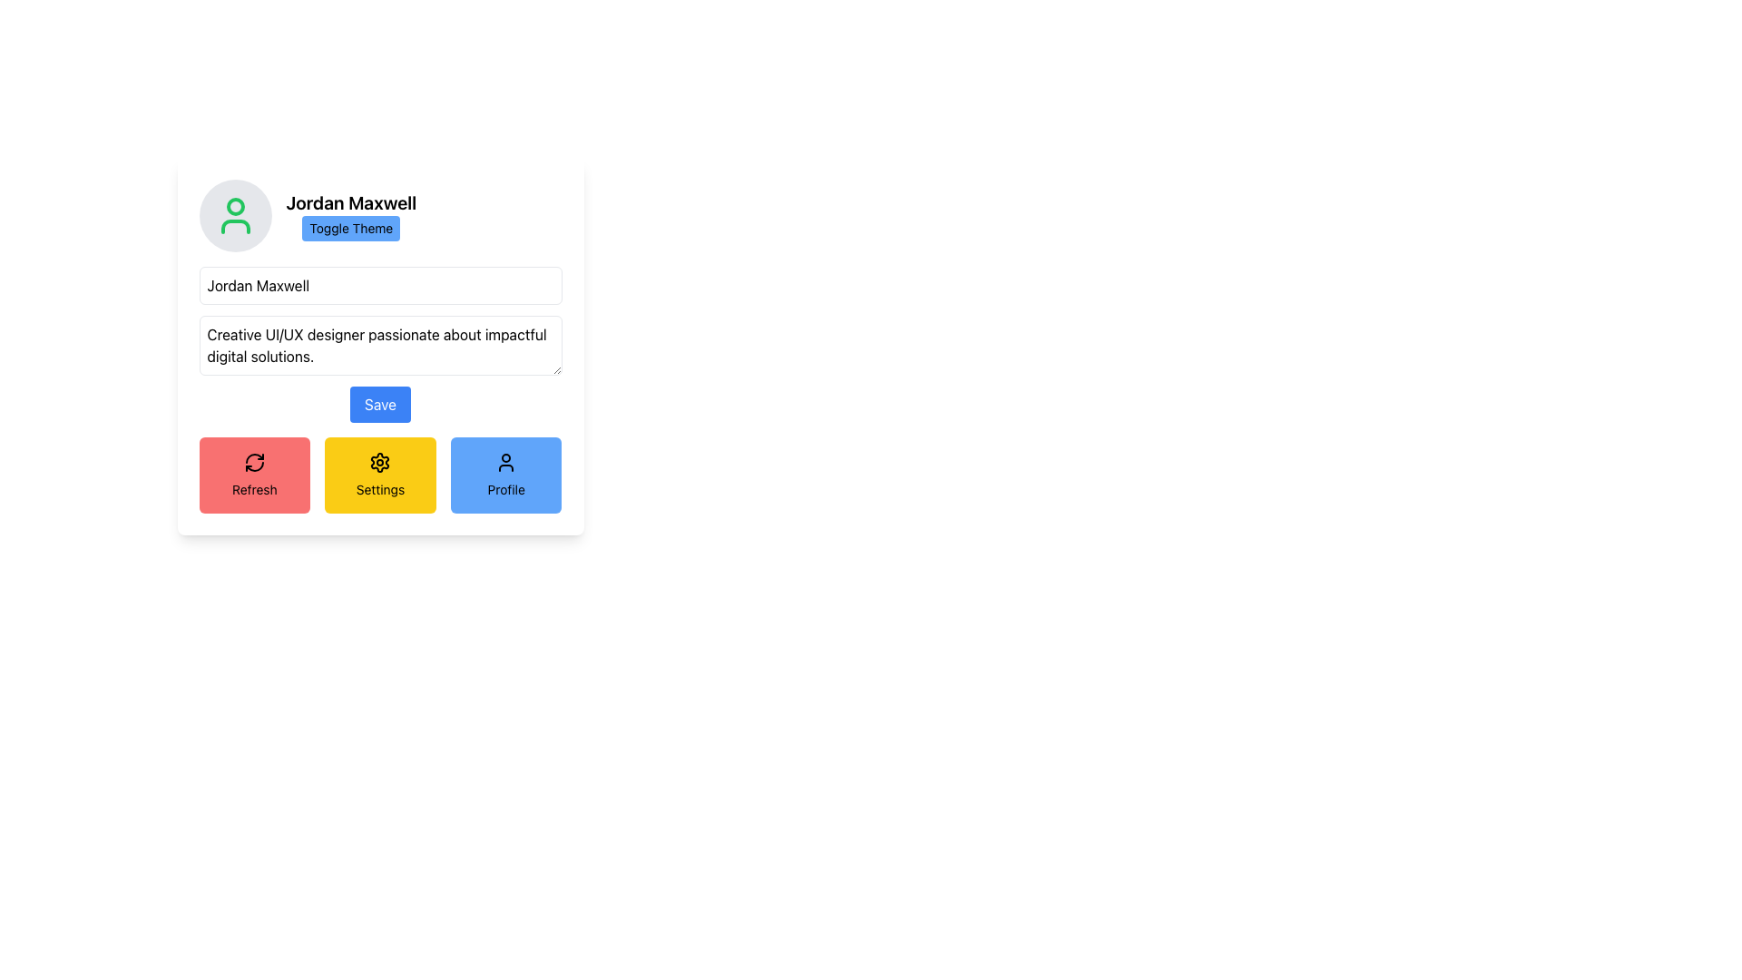 The width and height of the screenshot is (1742, 980). Describe the element at coordinates (379, 461) in the screenshot. I see `the 'Settings' button icon located at the center of the three buttons at the bottom of the card interface` at that location.